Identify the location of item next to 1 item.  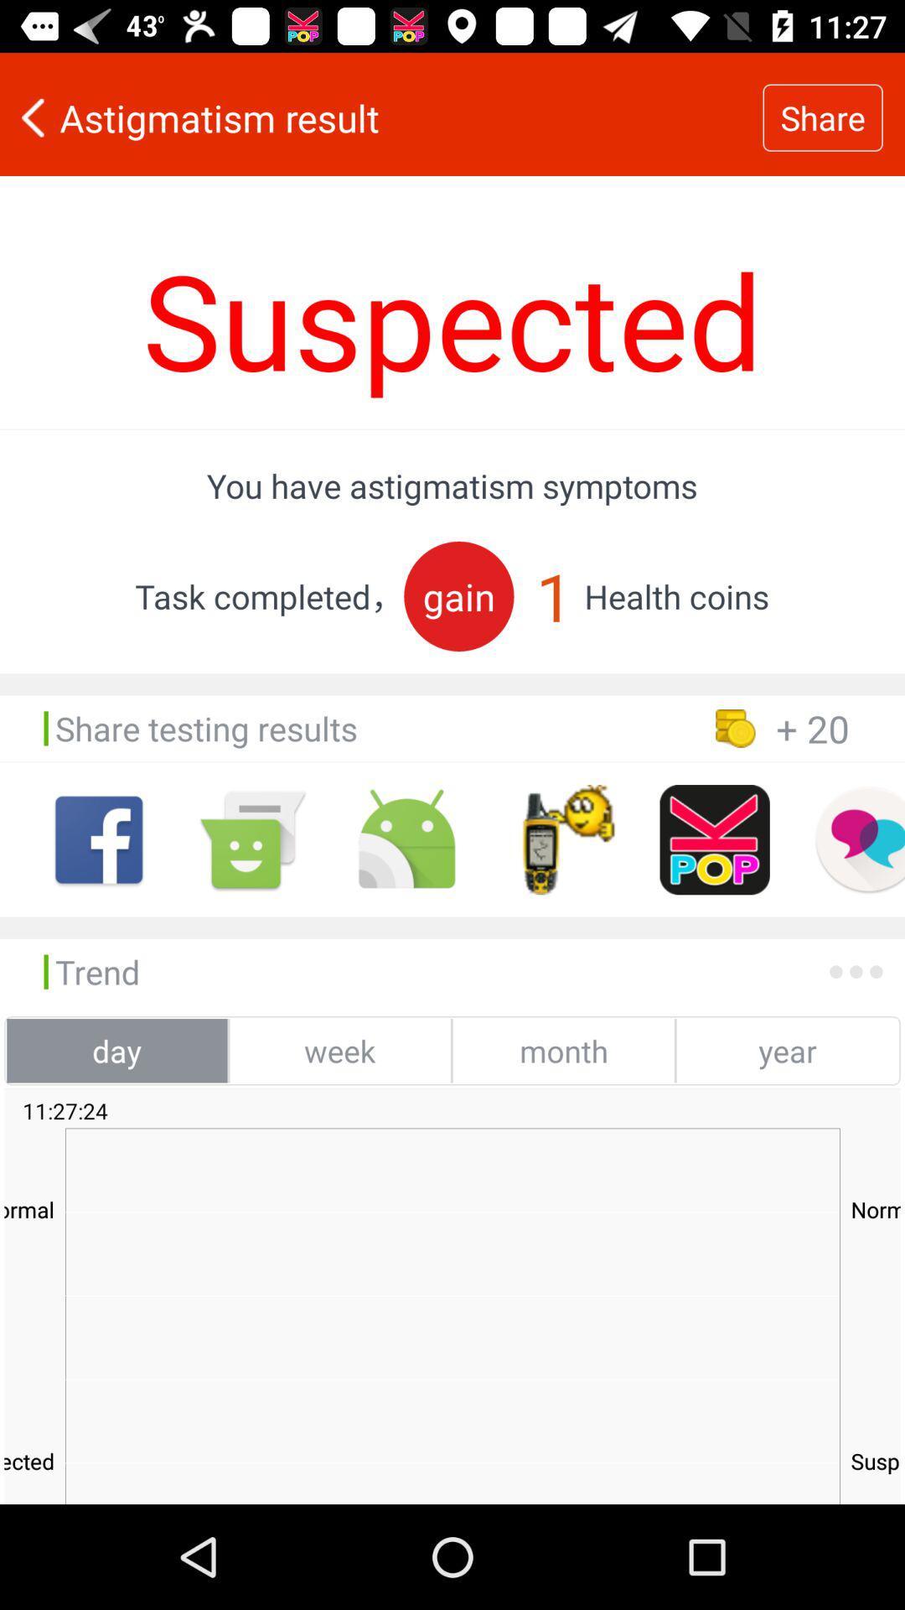
(458, 596).